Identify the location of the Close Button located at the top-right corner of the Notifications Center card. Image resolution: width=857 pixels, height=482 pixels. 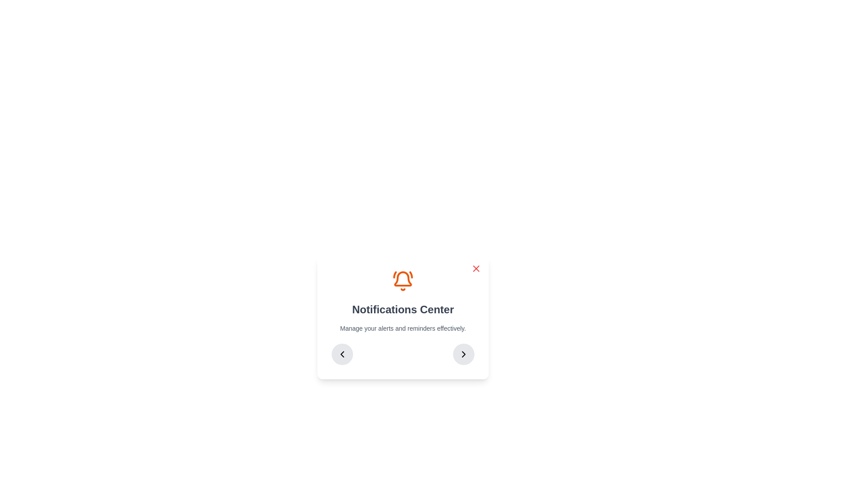
(475, 268).